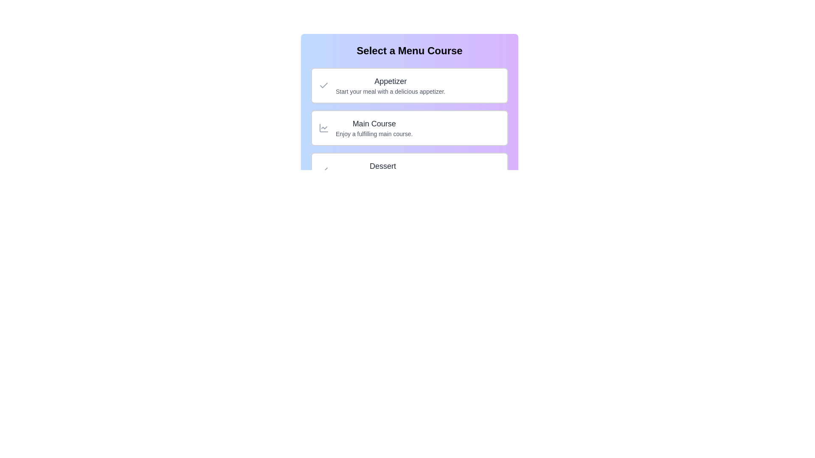 The width and height of the screenshot is (815, 458). What do you see at coordinates (390, 92) in the screenshot?
I see `the Text Label element that reads 'Start your meal with a delicious appetizer.' which is located below the 'Appetizer' header` at bounding box center [390, 92].